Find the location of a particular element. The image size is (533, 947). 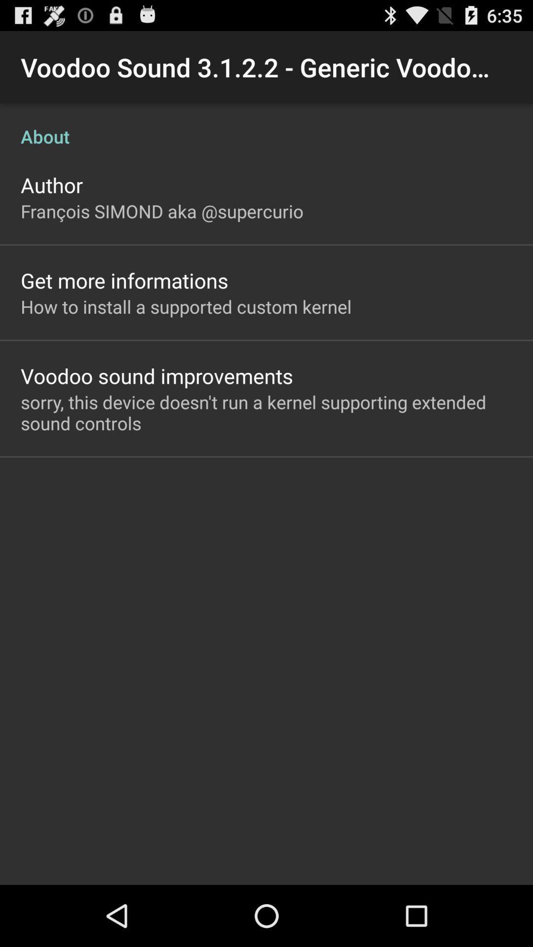

author app is located at coordinates (51, 184).